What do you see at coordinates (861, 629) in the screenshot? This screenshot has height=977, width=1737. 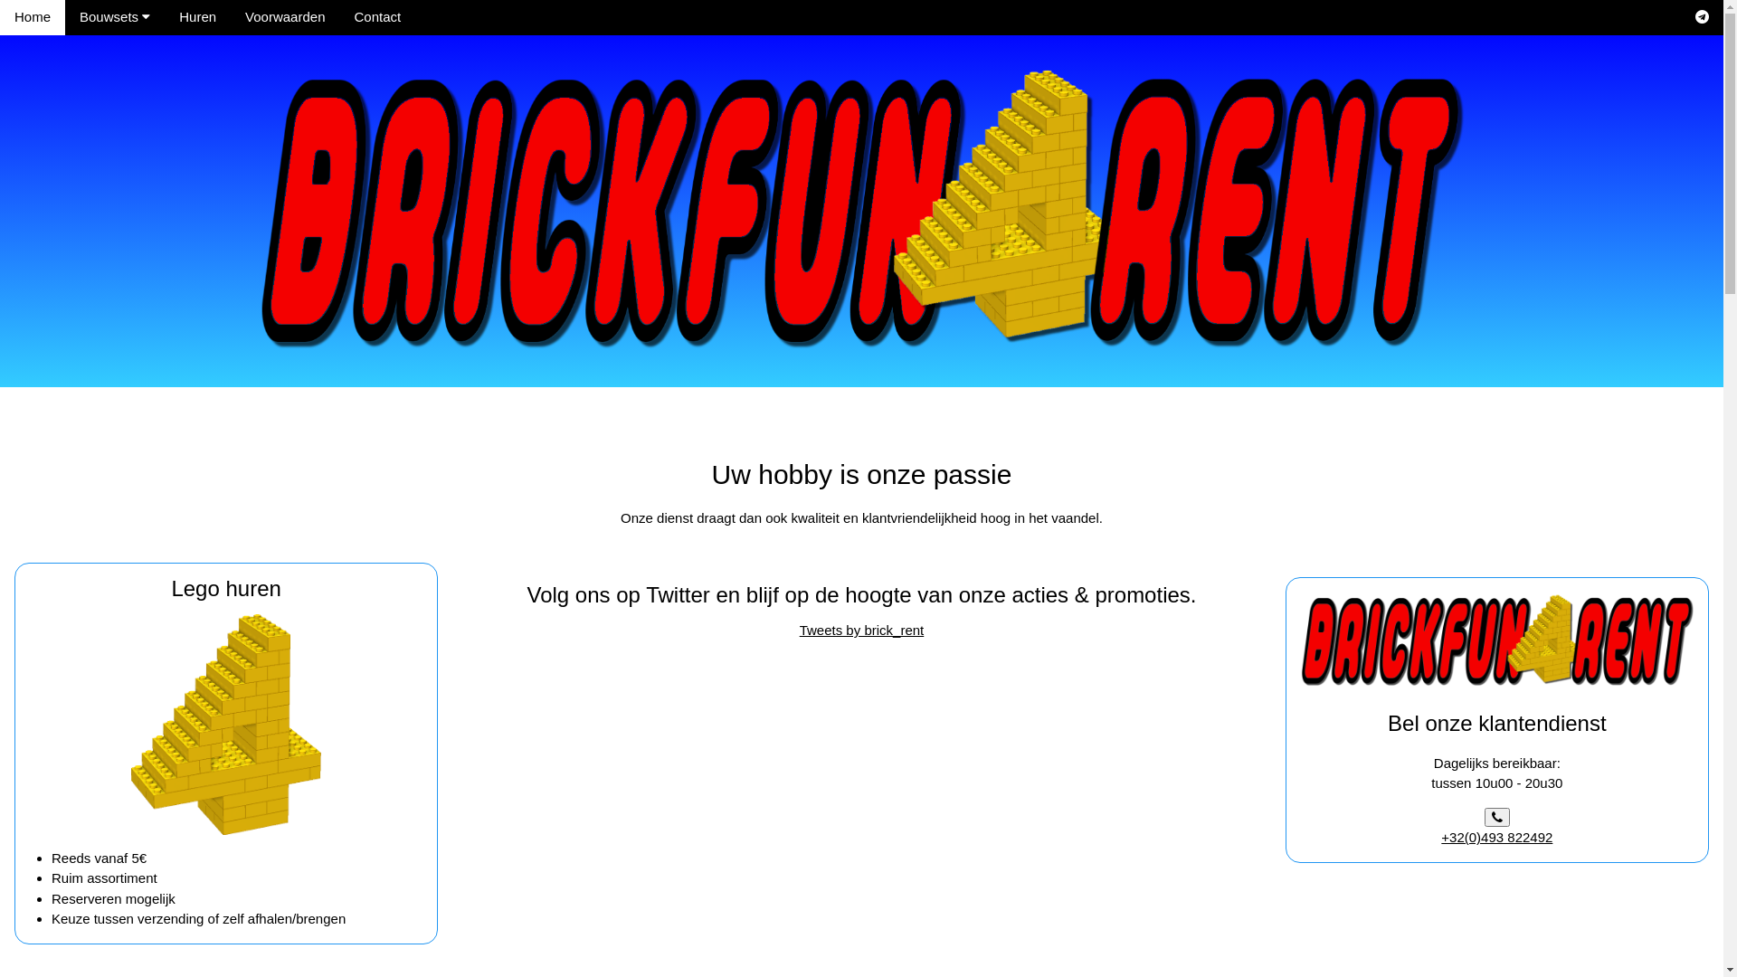 I see `'Tweets by brick_rent'` at bounding box center [861, 629].